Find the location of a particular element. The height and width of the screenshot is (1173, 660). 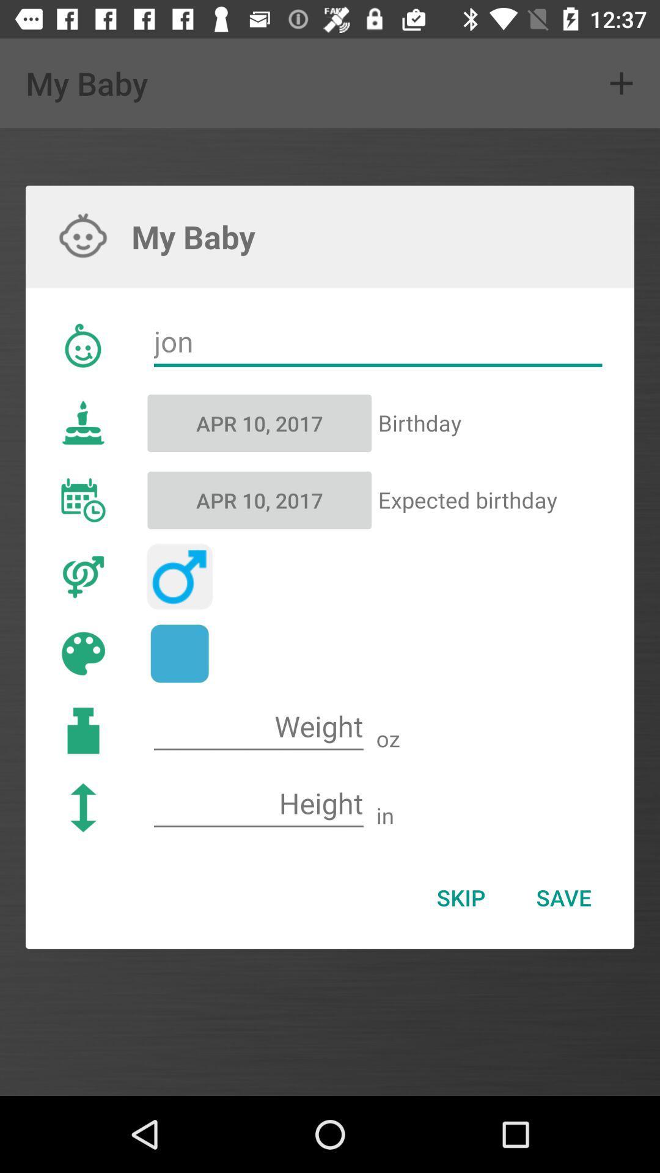

the save icon is located at coordinates (563, 897).